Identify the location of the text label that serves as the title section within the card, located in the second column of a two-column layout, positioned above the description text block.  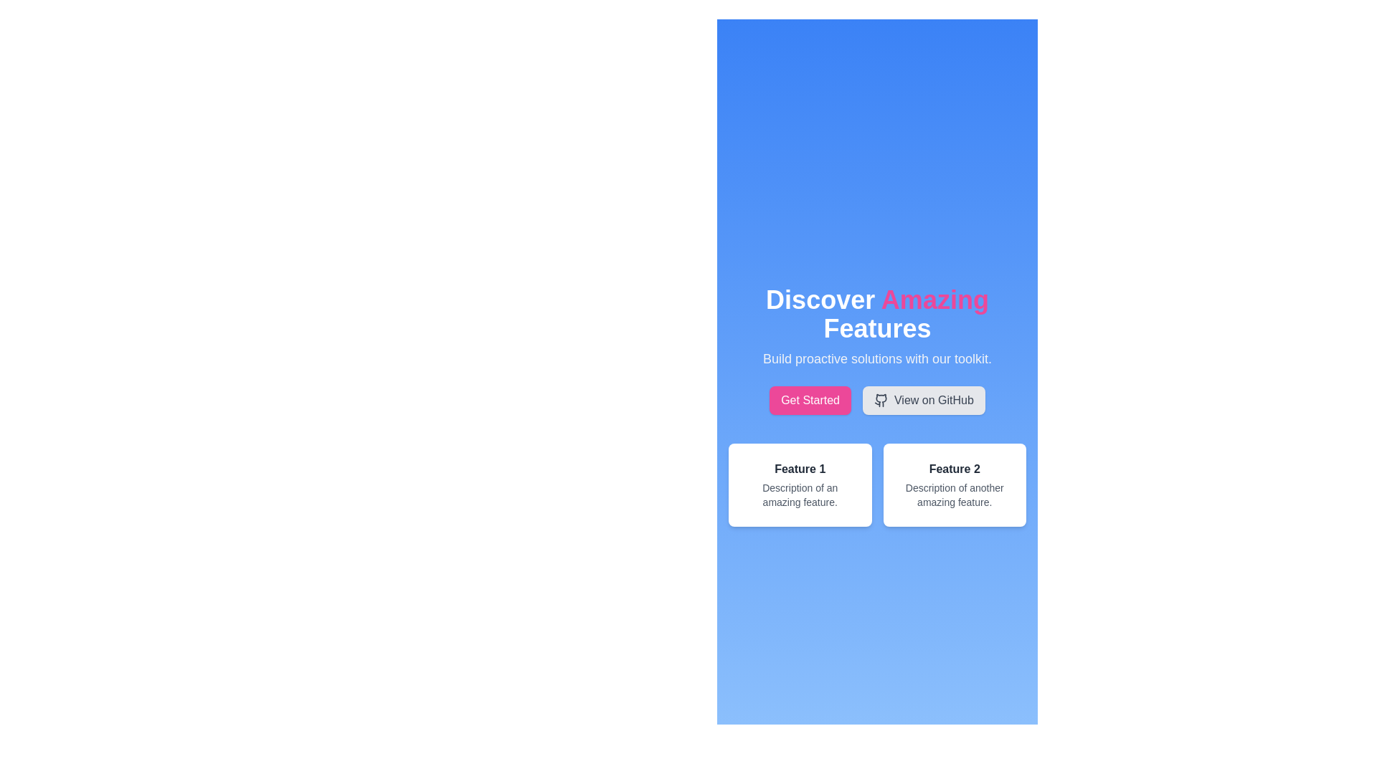
(955, 469).